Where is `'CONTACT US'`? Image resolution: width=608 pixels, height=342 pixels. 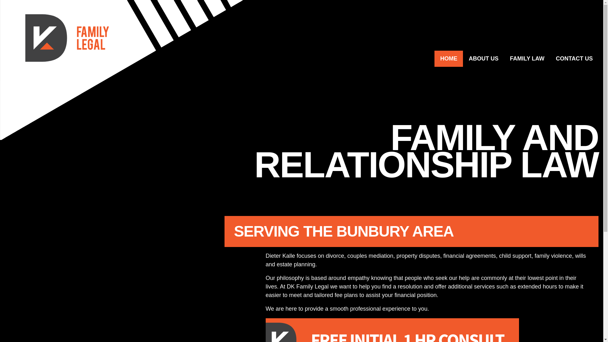
'CONTACT US' is located at coordinates (574, 59).